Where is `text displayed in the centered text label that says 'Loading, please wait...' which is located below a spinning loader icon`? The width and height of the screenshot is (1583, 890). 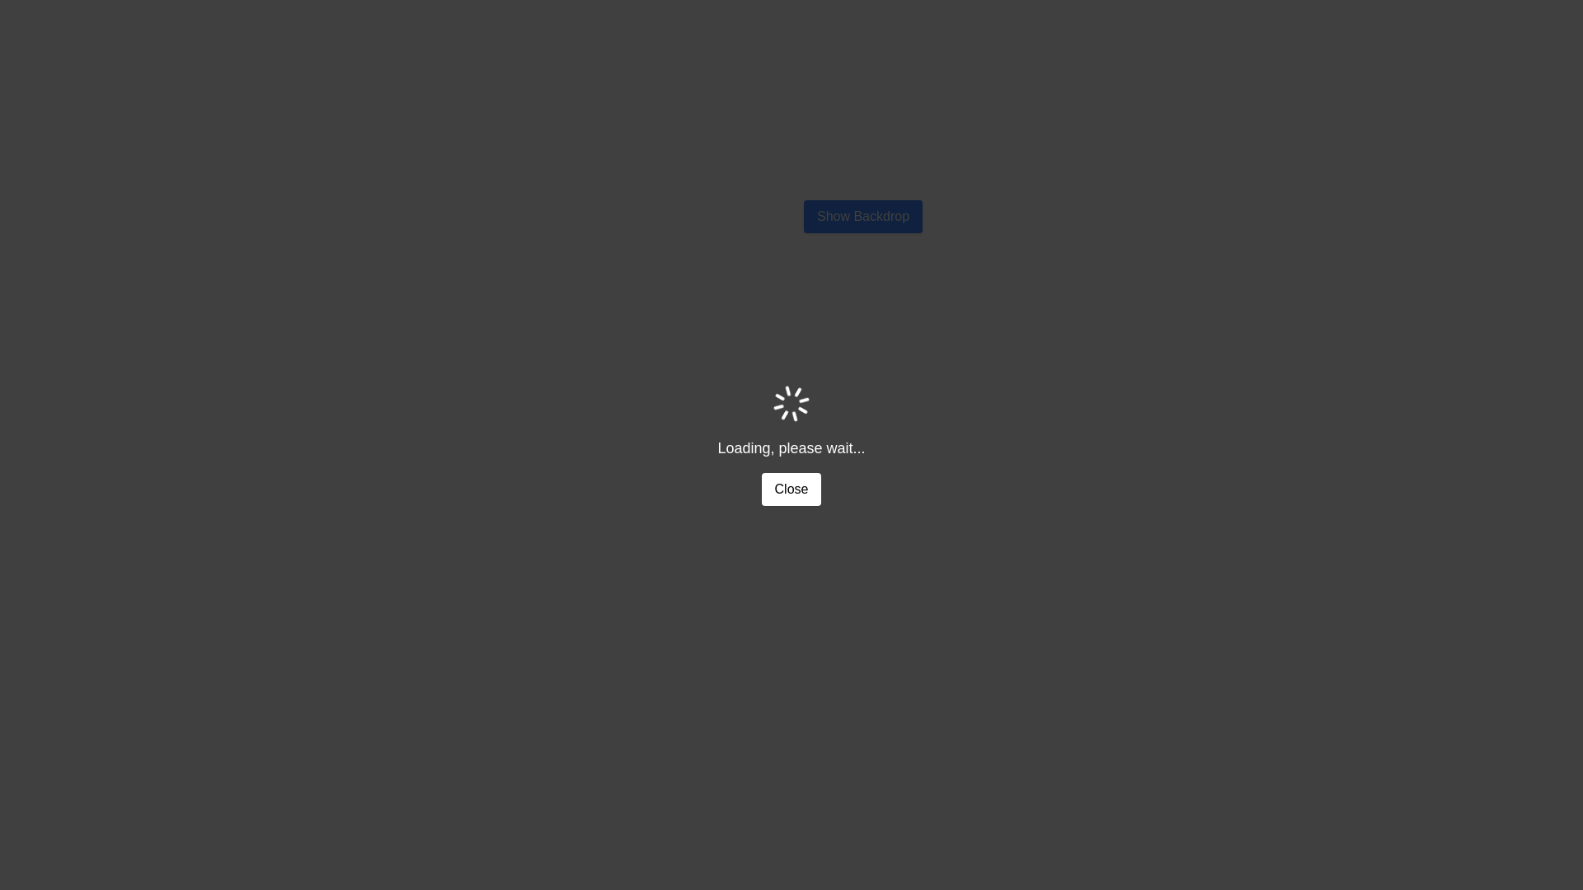 text displayed in the centered text label that says 'Loading, please wait...' which is located below a spinning loader icon is located at coordinates (791, 447).